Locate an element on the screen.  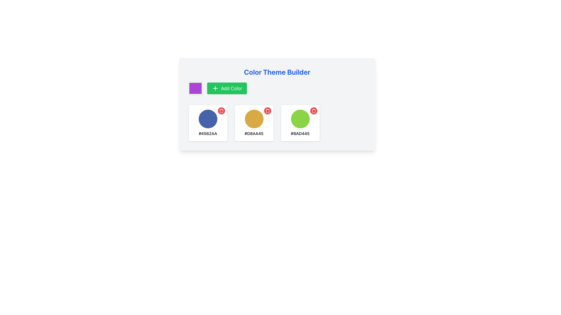
the delete button located at the top-right corner of the color card representing the color #8AD445, which is the third card from the left in the row is located at coordinates (313, 111).